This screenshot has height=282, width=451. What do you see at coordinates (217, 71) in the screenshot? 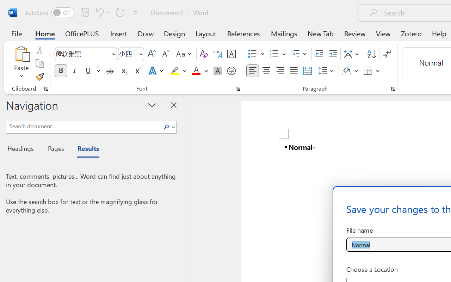
I see `'Character Shading'` at bounding box center [217, 71].